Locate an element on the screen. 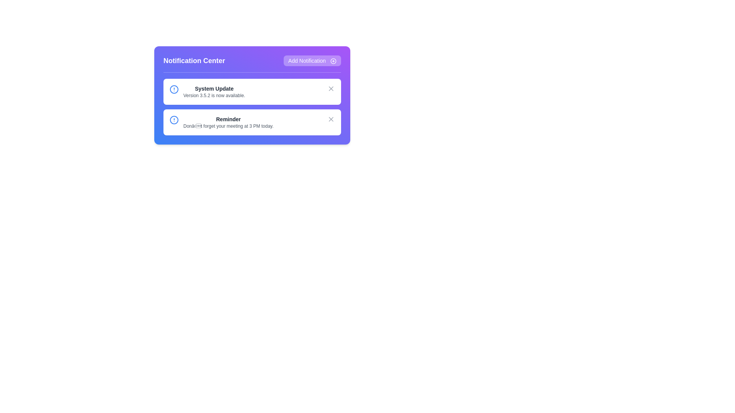 The image size is (735, 413). the button located at the top-right corner of the 'Notification Center' section header is located at coordinates (312, 60).